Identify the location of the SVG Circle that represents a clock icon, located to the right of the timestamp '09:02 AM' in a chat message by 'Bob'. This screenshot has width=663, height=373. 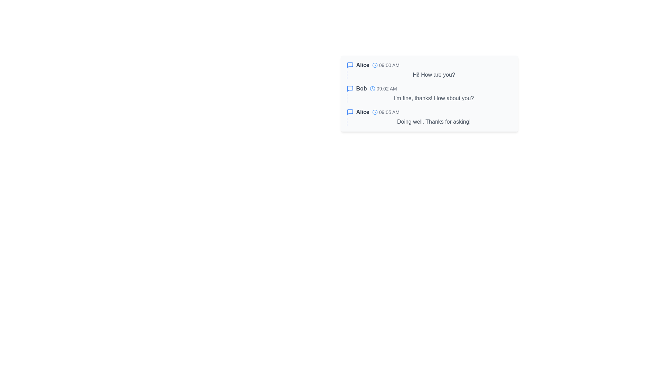
(372, 88).